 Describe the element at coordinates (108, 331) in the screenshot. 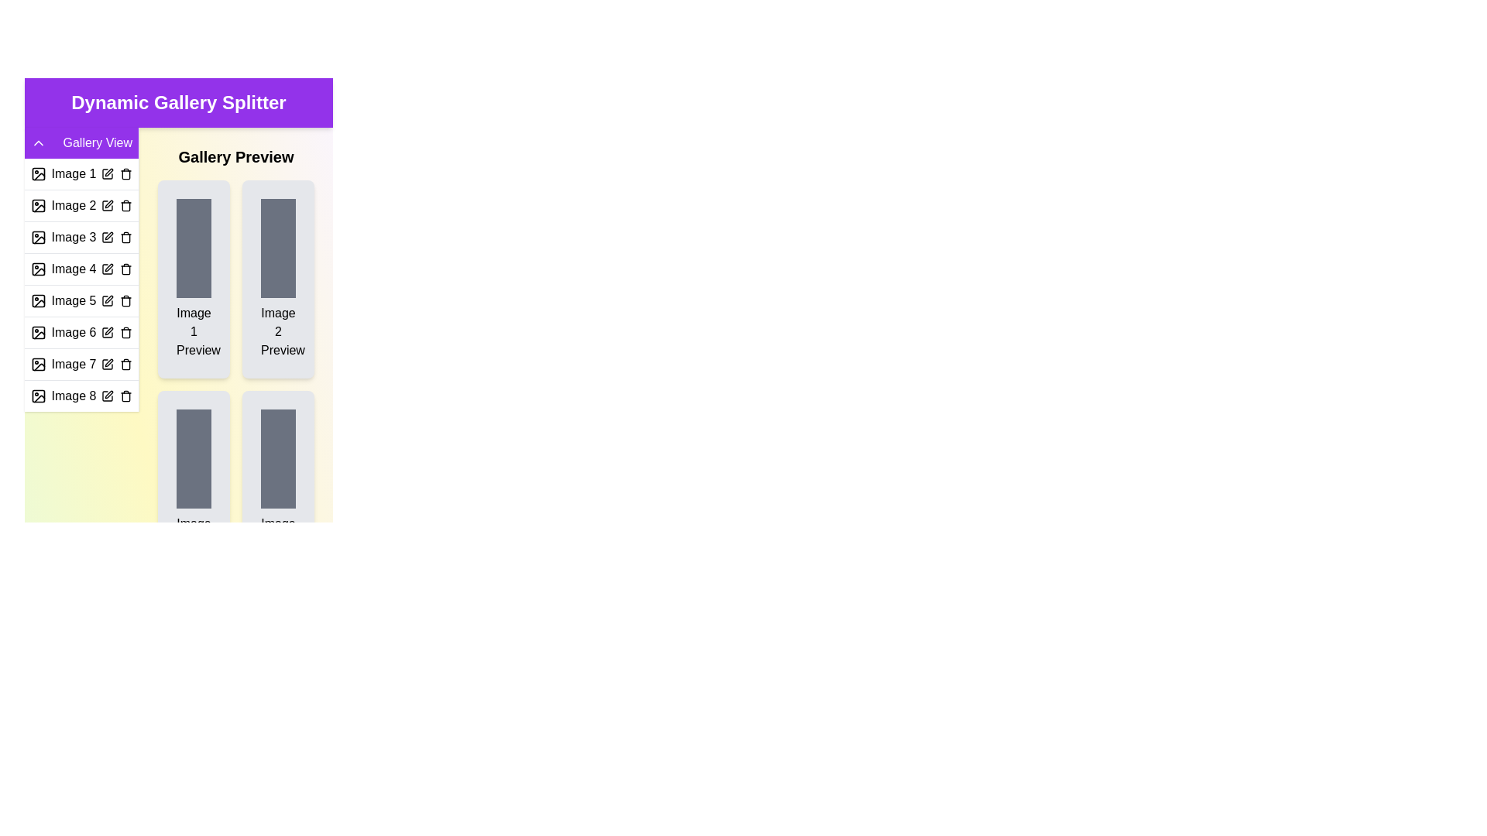

I see `the edit icon button resembling a pen, located next to the text label 'Image 6' in the left sidebar of the 'Gallery View', to initiate the edit action` at that location.